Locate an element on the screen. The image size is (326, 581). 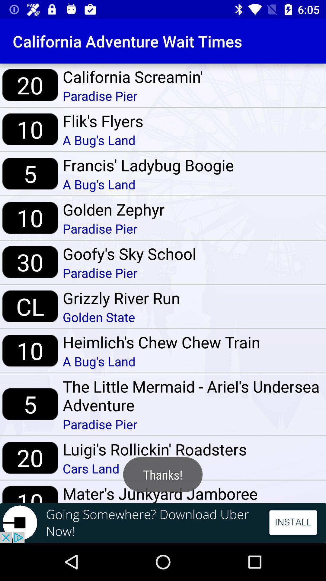
item to the right of the 20 item is located at coordinates (154, 468).